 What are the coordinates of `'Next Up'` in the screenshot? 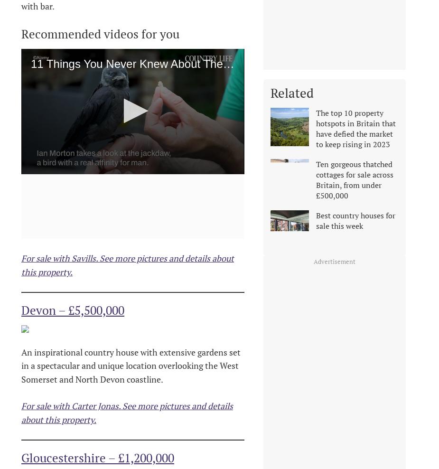 It's located at (166, 105).